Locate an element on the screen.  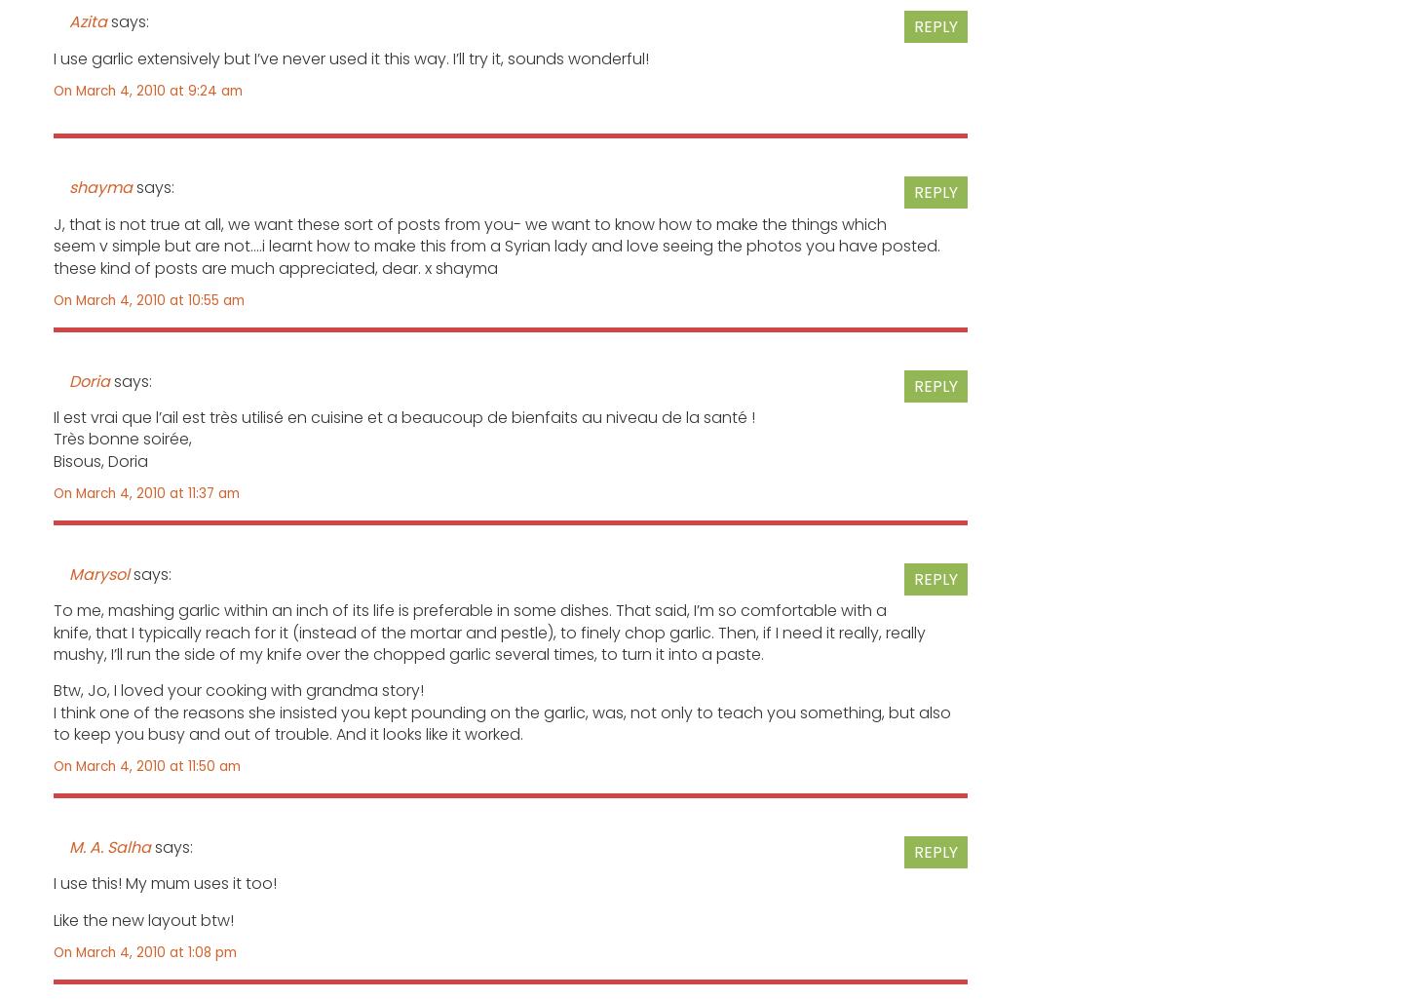
'On March 4, 2010 at 9:24 am' is located at coordinates (146, 90).